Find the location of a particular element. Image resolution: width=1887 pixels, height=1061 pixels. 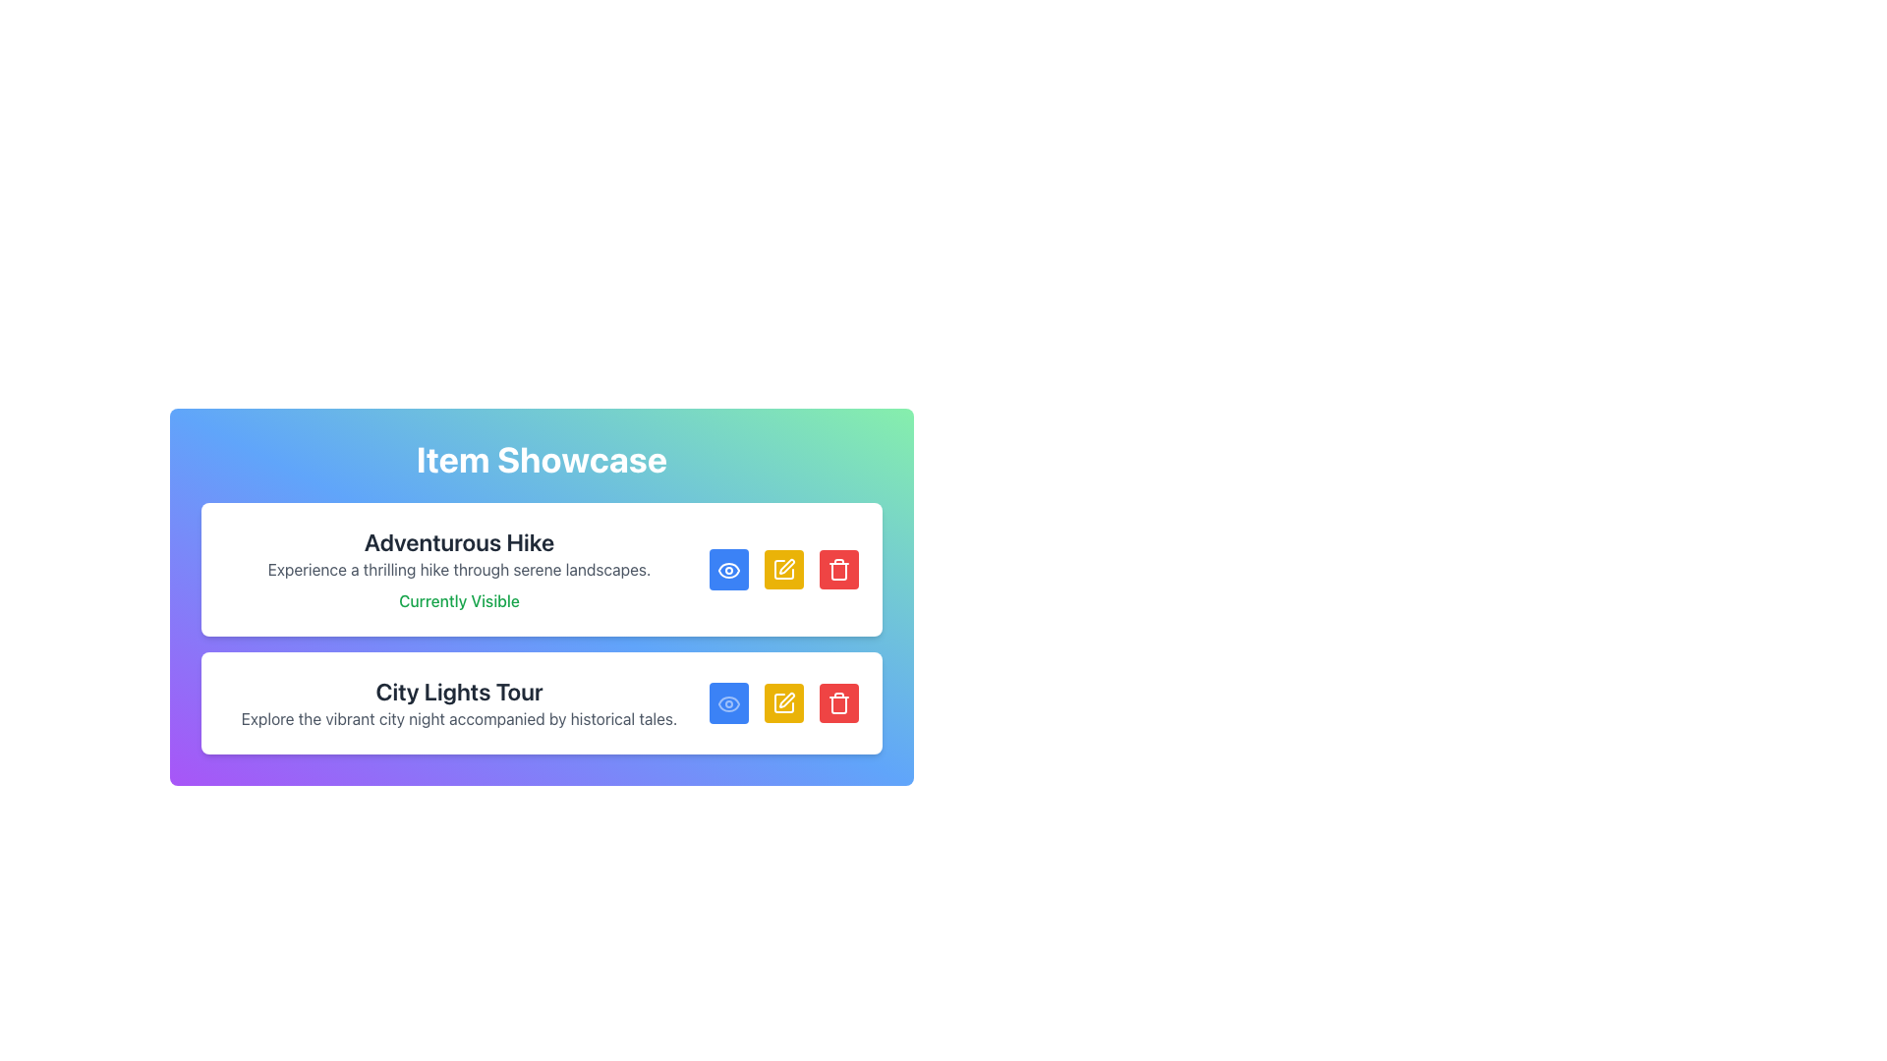

the blue eye icon located in the lower section of the interface, to the right of the 'City Lights Tour' descriptor panel is located at coordinates (728, 569).